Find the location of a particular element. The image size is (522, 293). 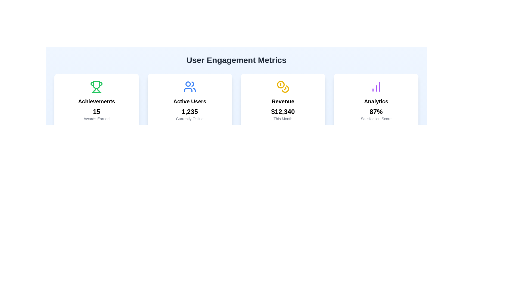

the numeric text block displaying '1,235' which is located below the heading 'Active Users' within the second card in a row of four cards is located at coordinates (190, 112).